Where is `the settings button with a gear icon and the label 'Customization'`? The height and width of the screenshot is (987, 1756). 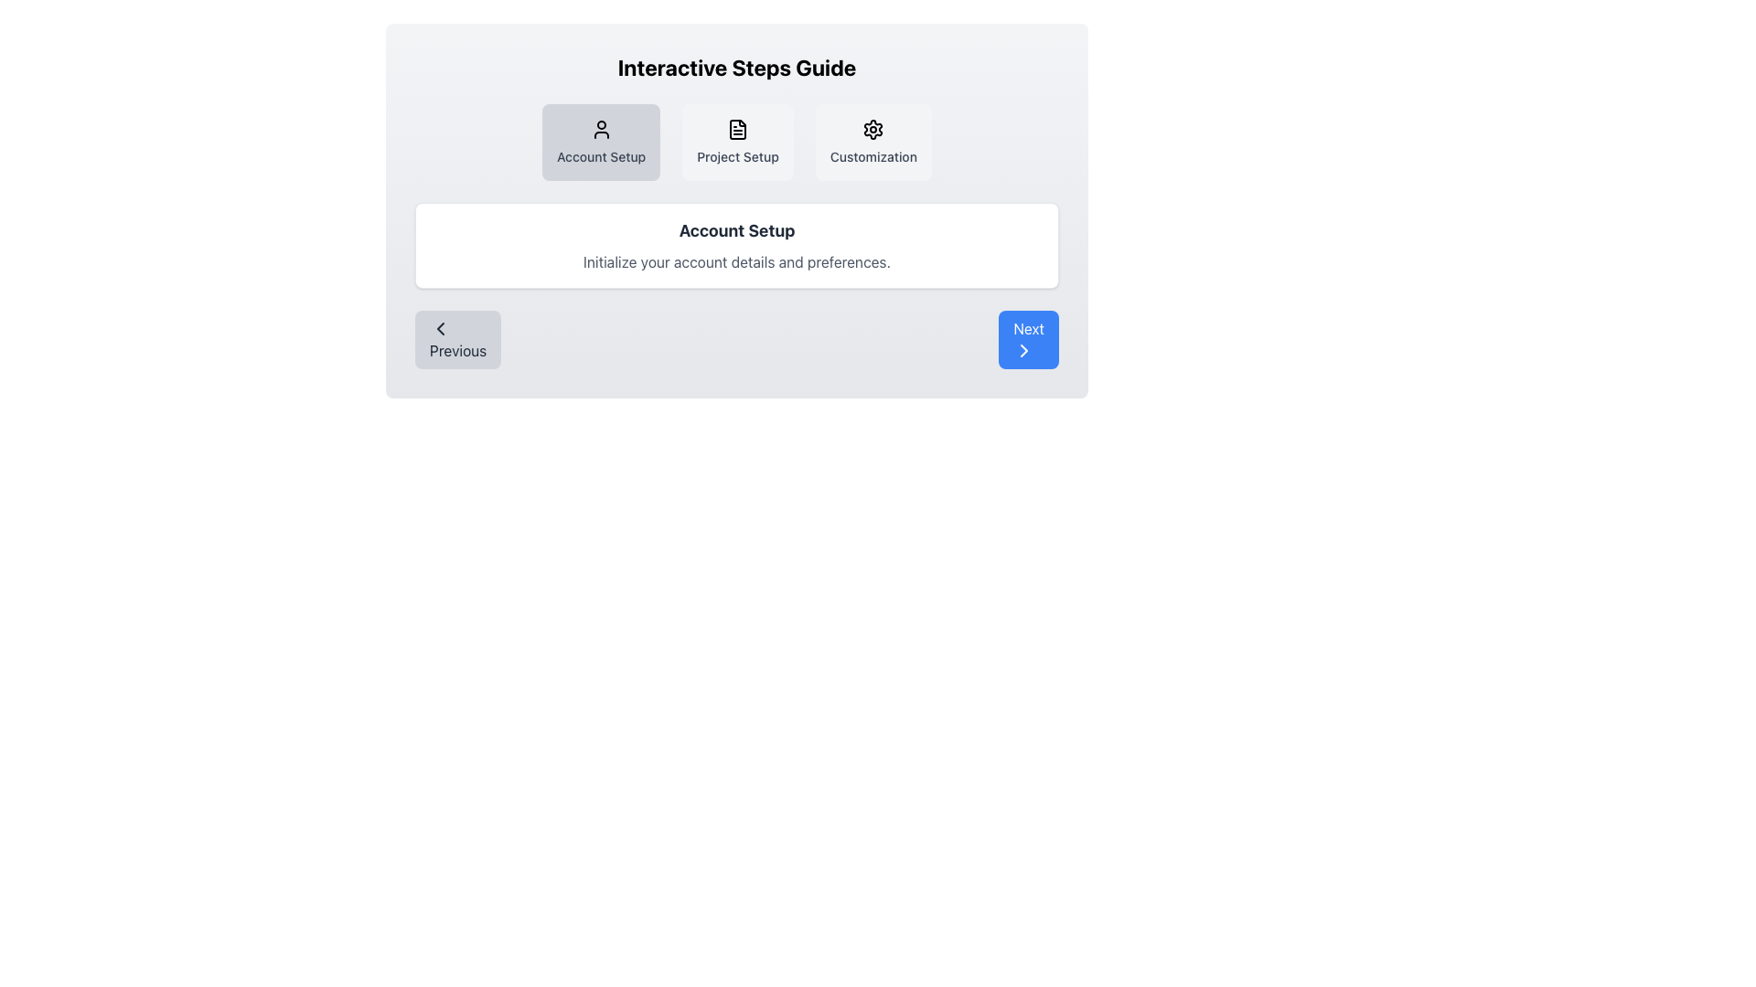
the settings button with a gear icon and the label 'Customization' is located at coordinates (873, 141).